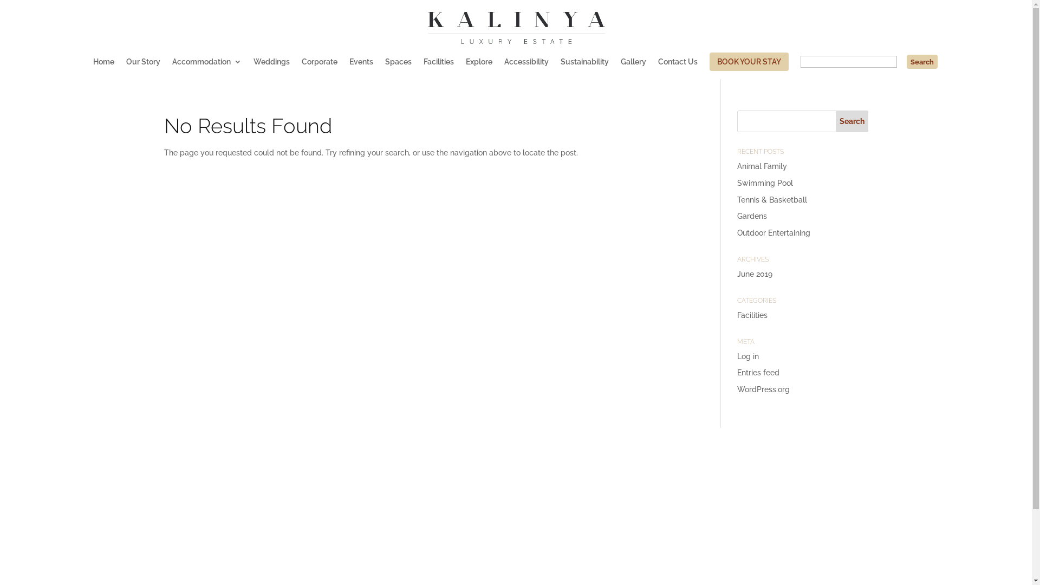 The image size is (1040, 585). Describe the element at coordinates (103, 67) in the screenshot. I see `'Home'` at that location.